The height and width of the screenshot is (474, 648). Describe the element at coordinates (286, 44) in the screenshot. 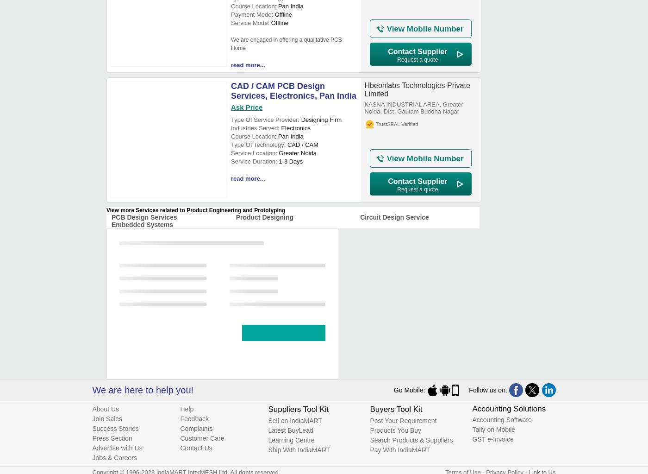

I see `'We are engaged in offering a qualitative PCB Home'` at that location.